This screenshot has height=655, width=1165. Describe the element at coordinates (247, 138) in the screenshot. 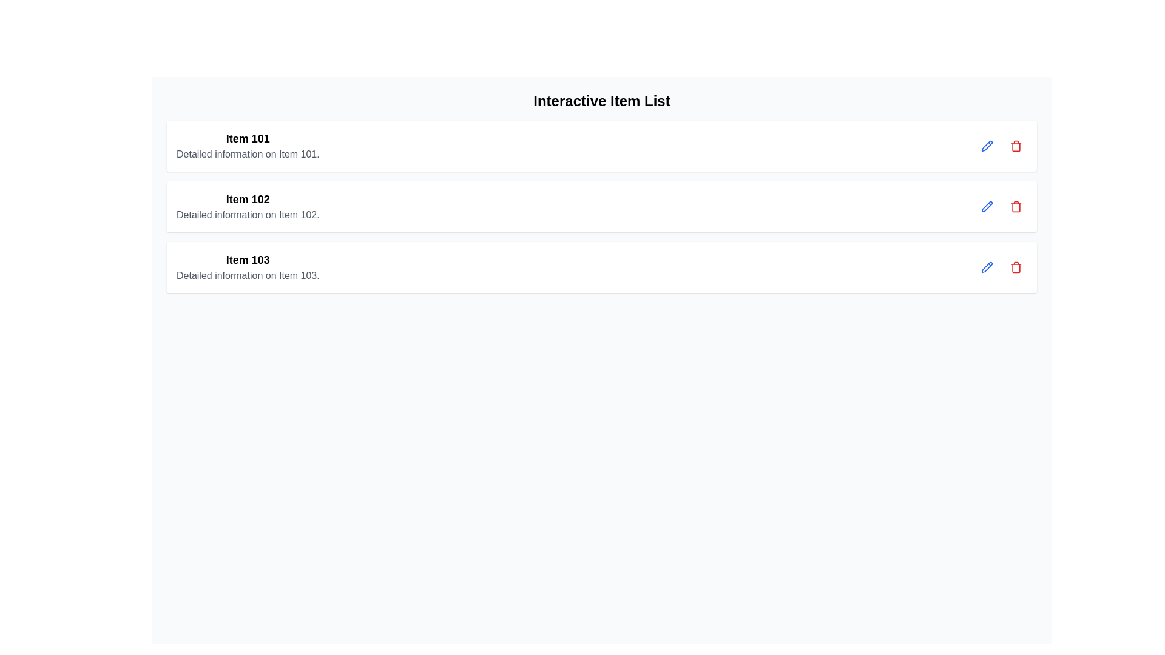

I see `the bold black text label that reads 'Item 101', which is prominently displayed as a title above the description in the central list of items` at that location.